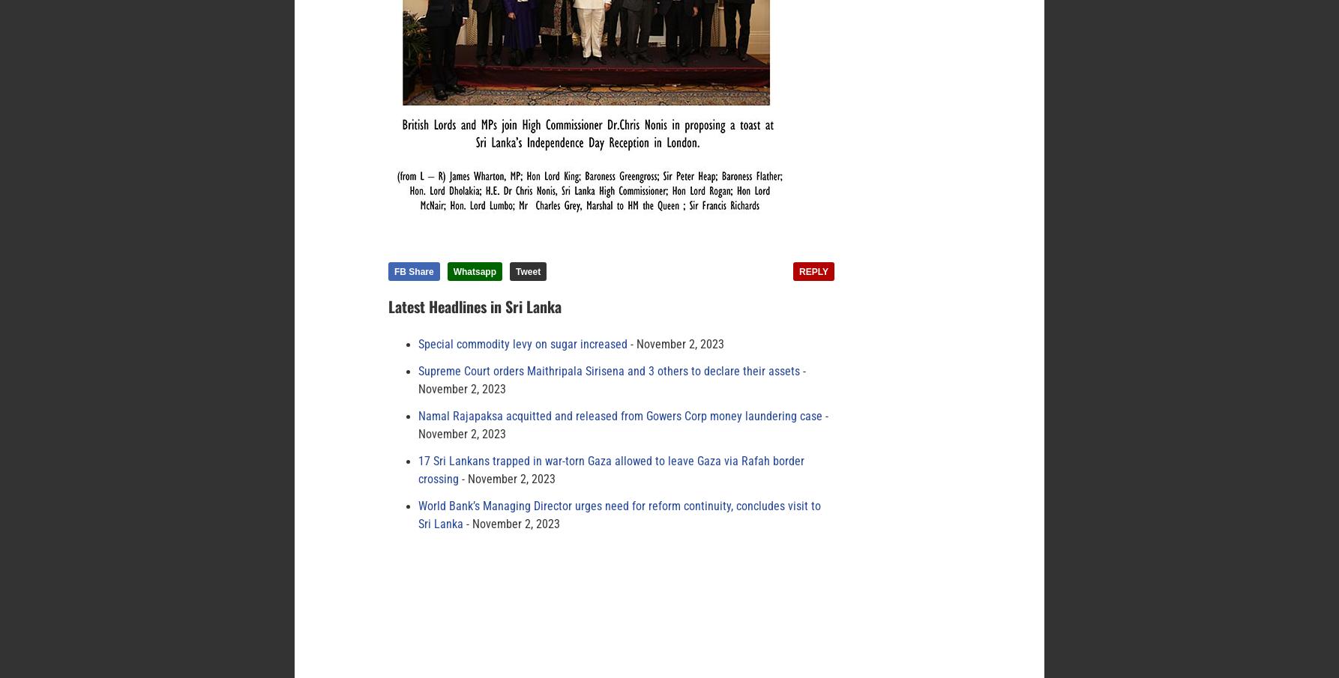  What do you see at coordinates (523, 345) in the screenshot?
I see `'Special commodity levy on sugar increased'` at bounding box center [523, 345].